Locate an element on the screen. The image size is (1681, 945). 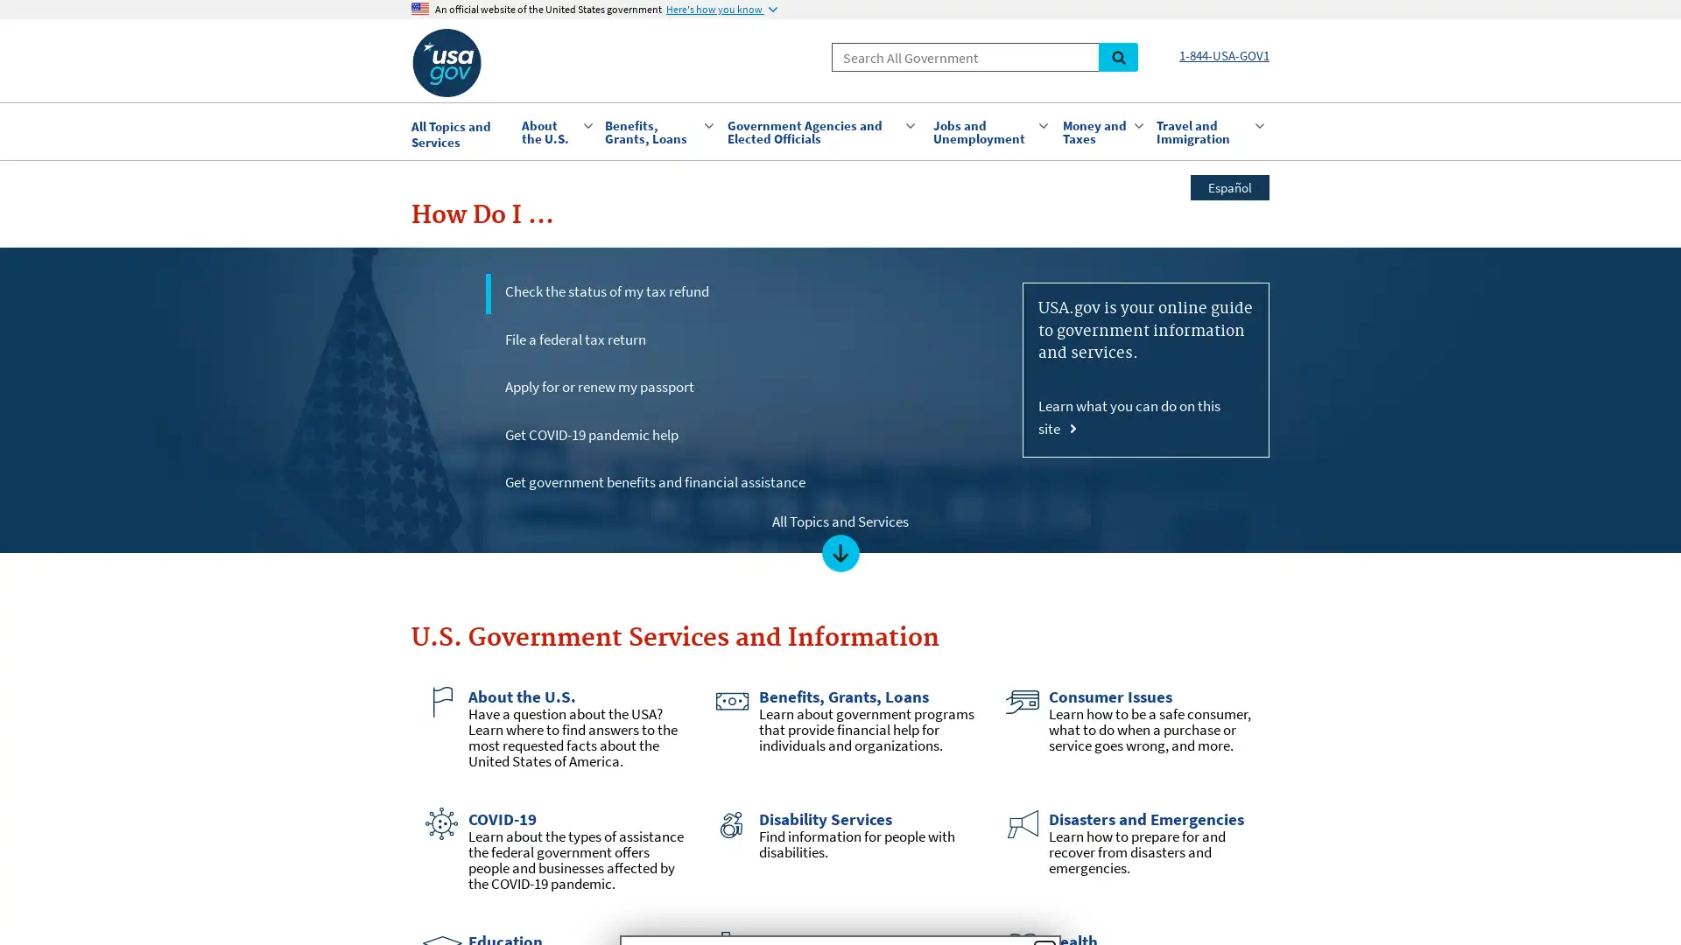
Government Agencies and Elected Officials is located at coordinates (819, 130).